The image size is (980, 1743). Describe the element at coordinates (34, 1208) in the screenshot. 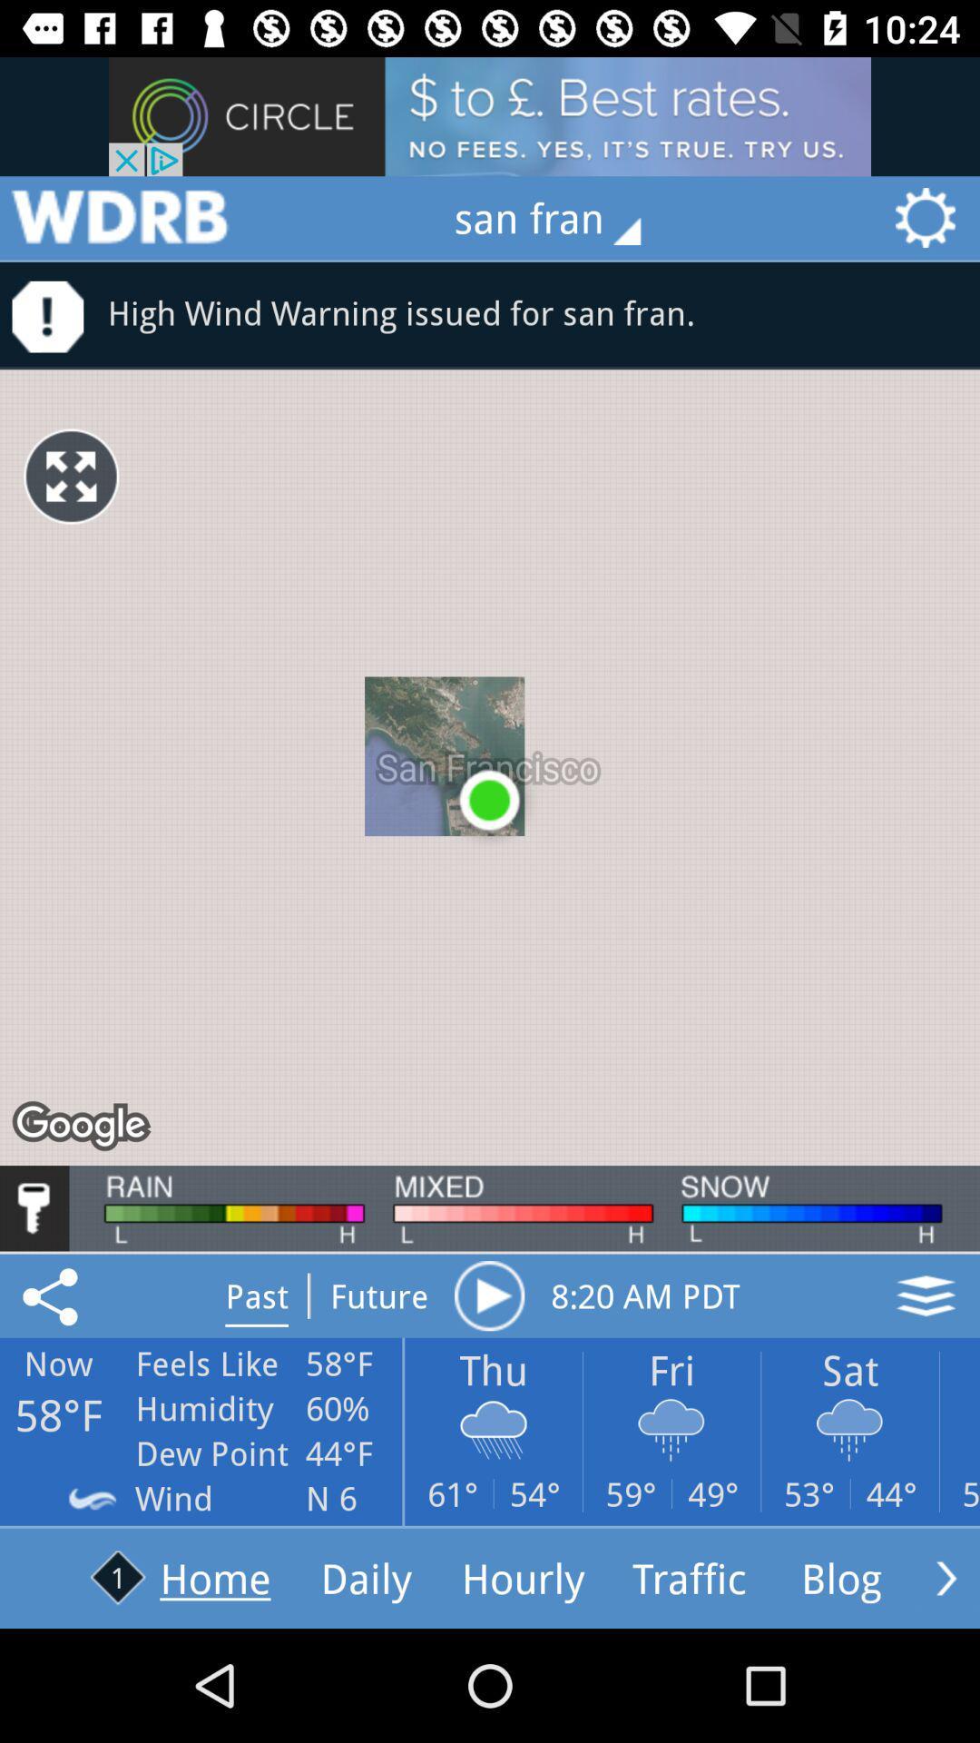

I see `unlock contents` at that location.